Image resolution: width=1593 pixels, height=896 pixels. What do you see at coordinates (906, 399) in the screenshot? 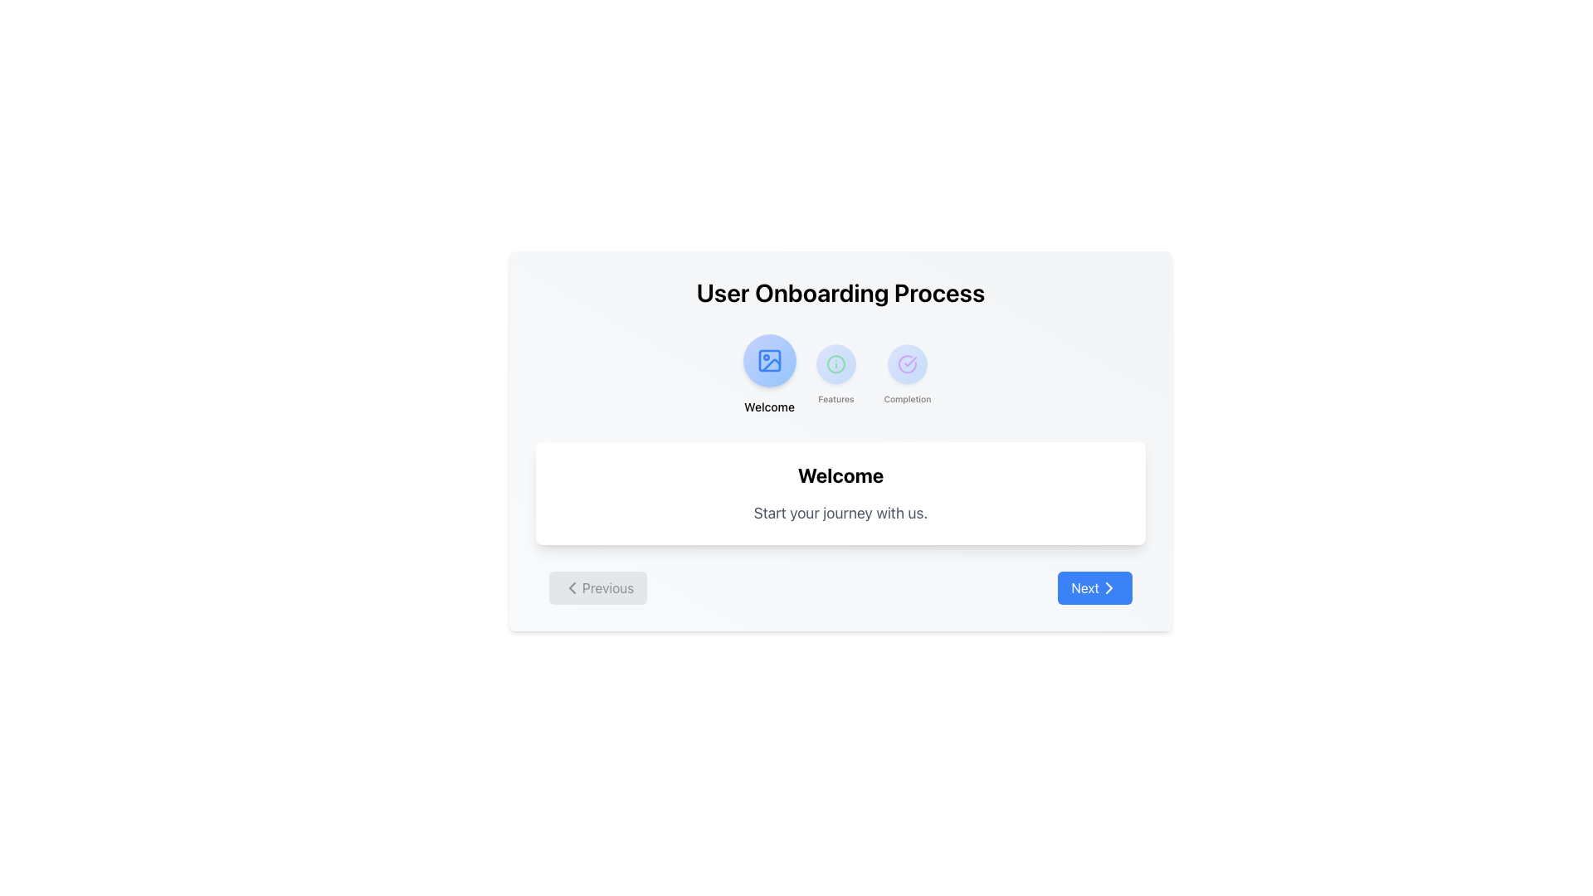
I see `the text label displaying 'Completion', which is styled with 'text-sm font-medium' and positioned beneath a purple checkmark icon` at bounding box center [906, 399].